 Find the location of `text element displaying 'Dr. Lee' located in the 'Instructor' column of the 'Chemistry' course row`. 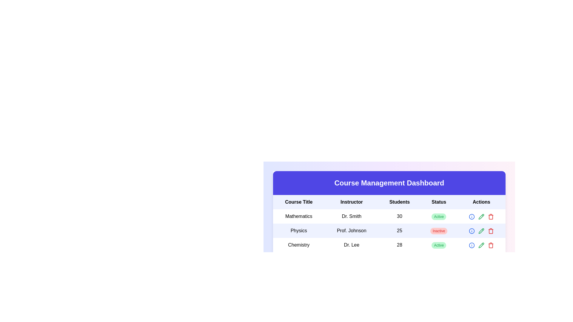

text element displaying 'Dr. Lee' located in the 'Instructor' column of the 'Chemistry' course row is located at coordinates (352, 245).